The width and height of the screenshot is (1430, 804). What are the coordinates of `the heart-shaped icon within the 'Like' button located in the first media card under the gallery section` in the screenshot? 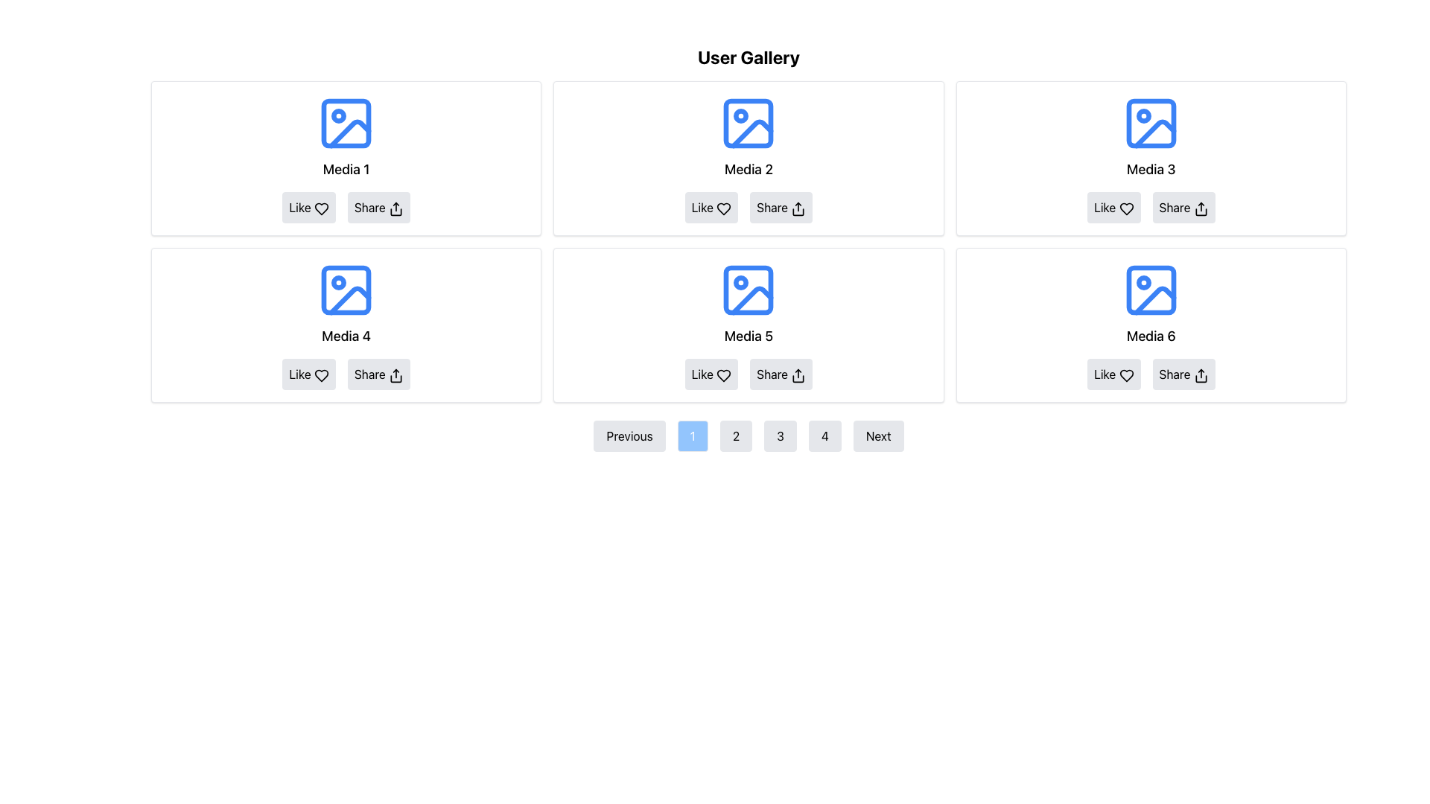 It's located at (320, 208).